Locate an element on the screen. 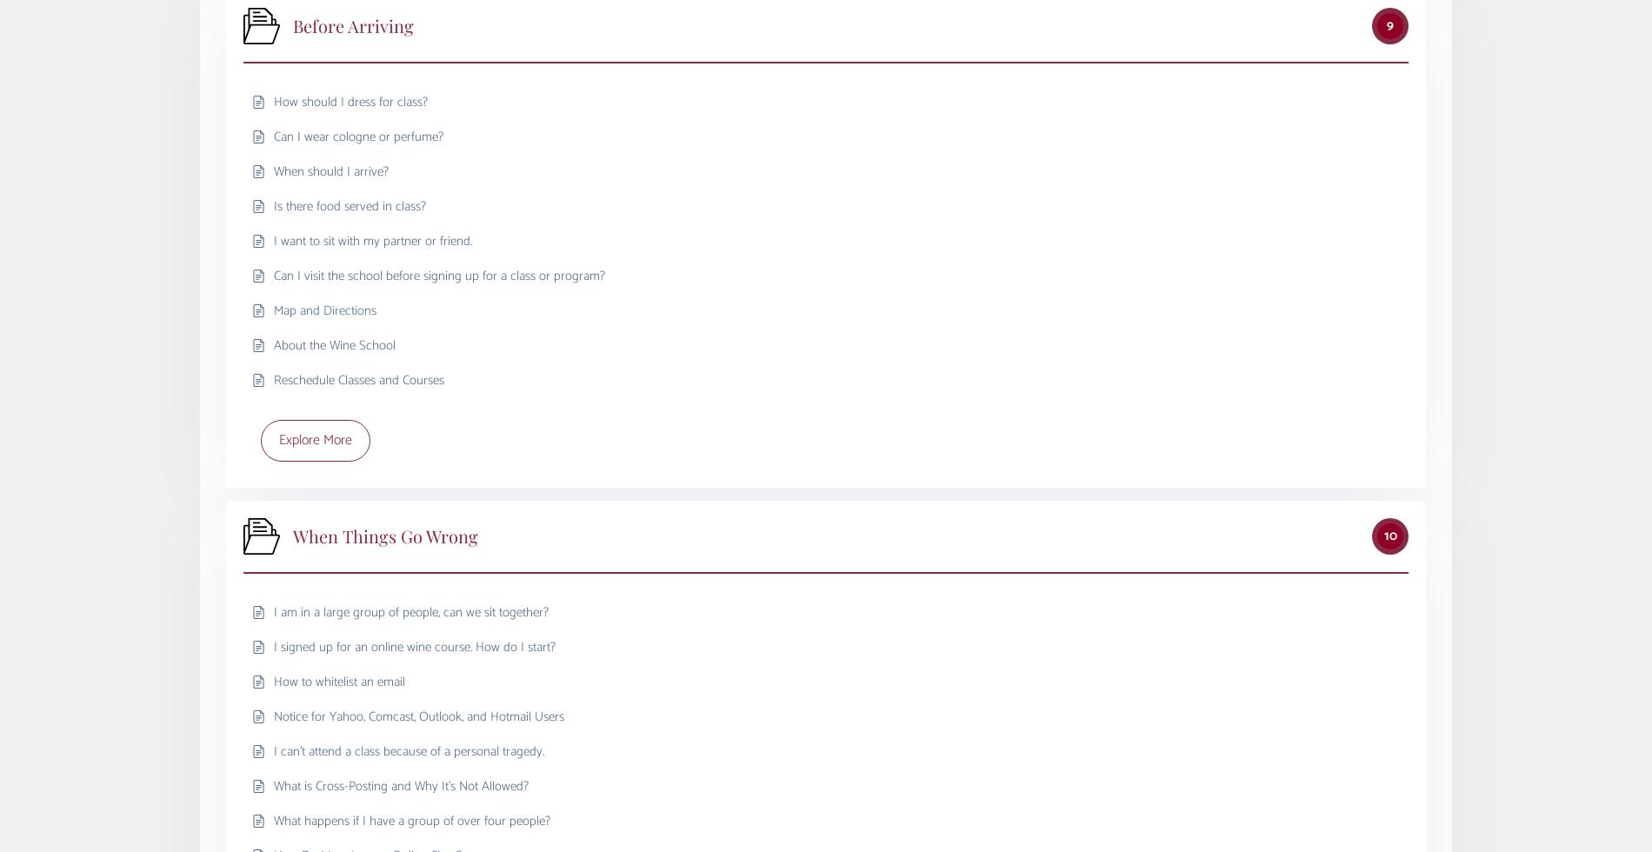  'When should I arrive?' is located at coordinates (330, 170).